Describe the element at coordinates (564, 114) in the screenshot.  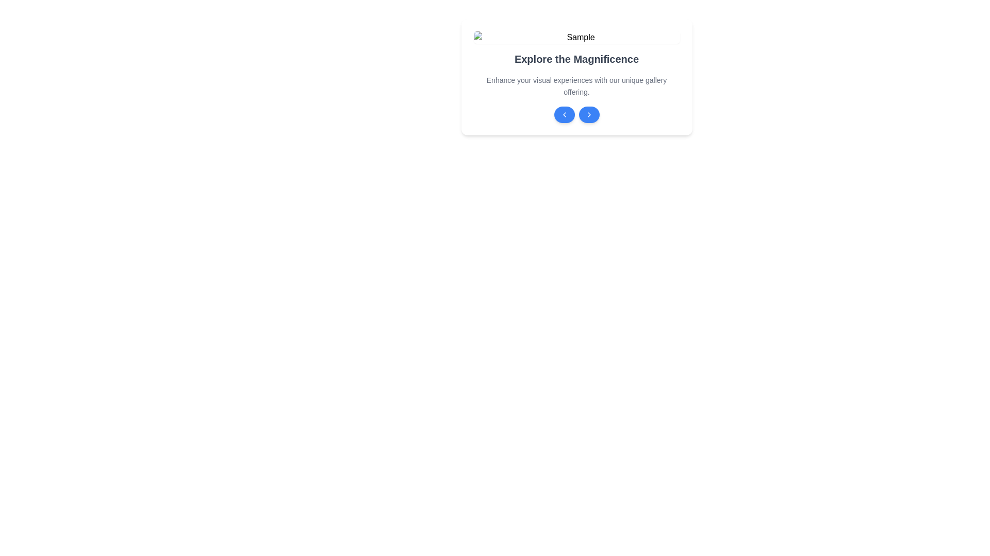
I see `the first button in the horizontal series located at the bottom center of the card interface` at that location.